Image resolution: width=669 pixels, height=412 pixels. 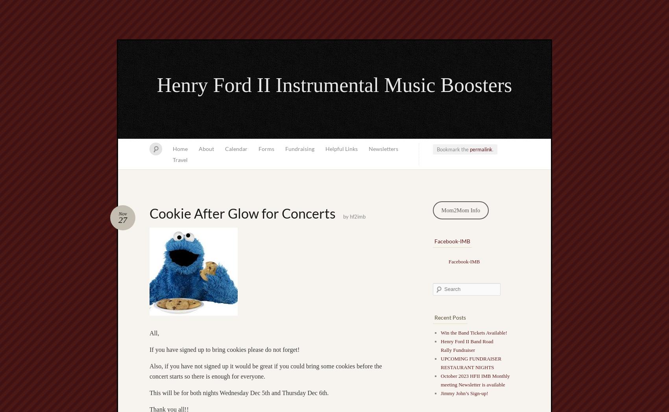 I want to click on 'October 2023 HFII IMB Monthly meeting Newsletter is available', so click(x=475, y=379).